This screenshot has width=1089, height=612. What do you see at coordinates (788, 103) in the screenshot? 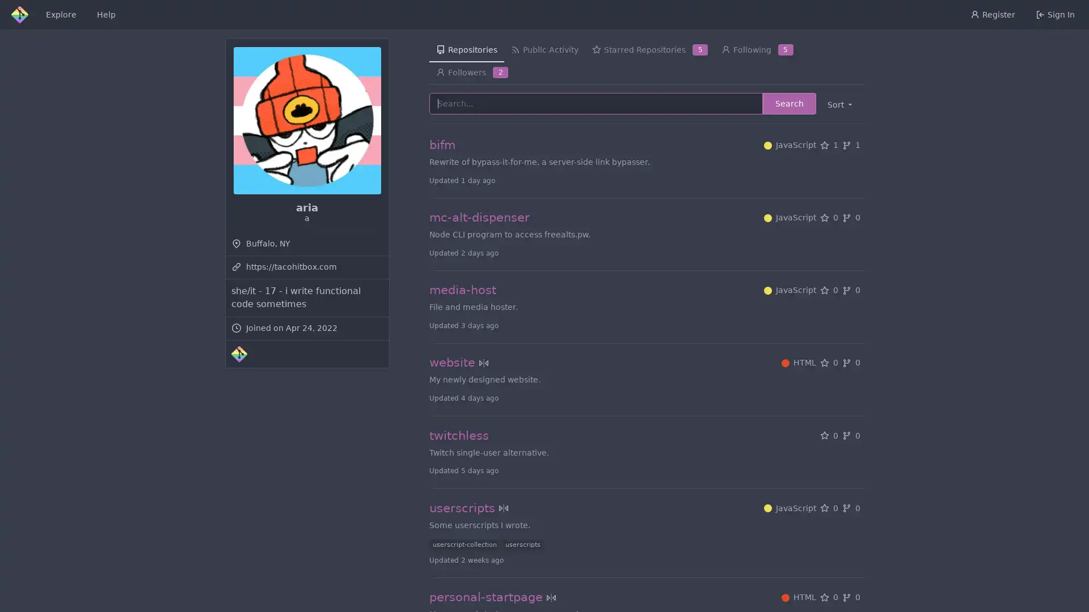
I see `Search` at bounding box center [788, 103].